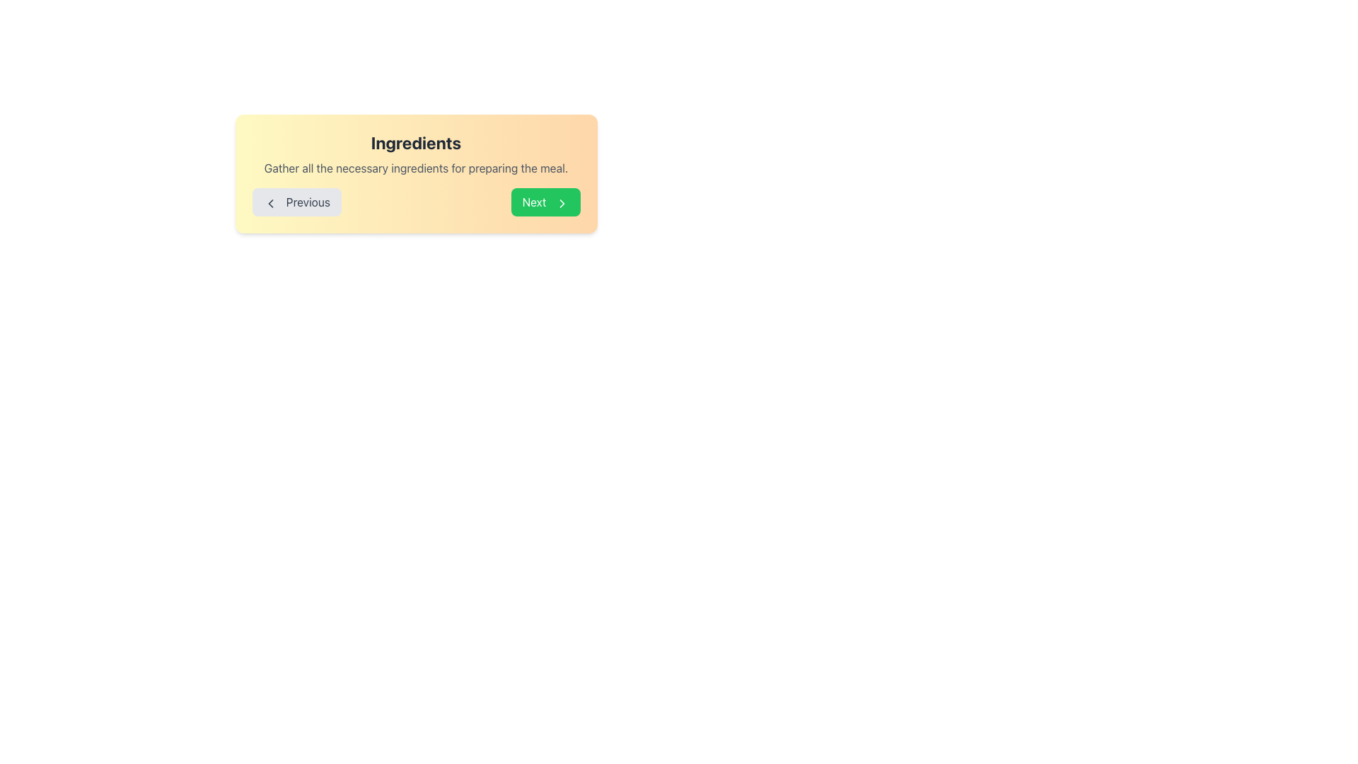  What do you see at coordinates (270, 203) in the screenshot?
I see `the chevron-shaped icon within the 'Previous' button` at bounding box center [270, 203].